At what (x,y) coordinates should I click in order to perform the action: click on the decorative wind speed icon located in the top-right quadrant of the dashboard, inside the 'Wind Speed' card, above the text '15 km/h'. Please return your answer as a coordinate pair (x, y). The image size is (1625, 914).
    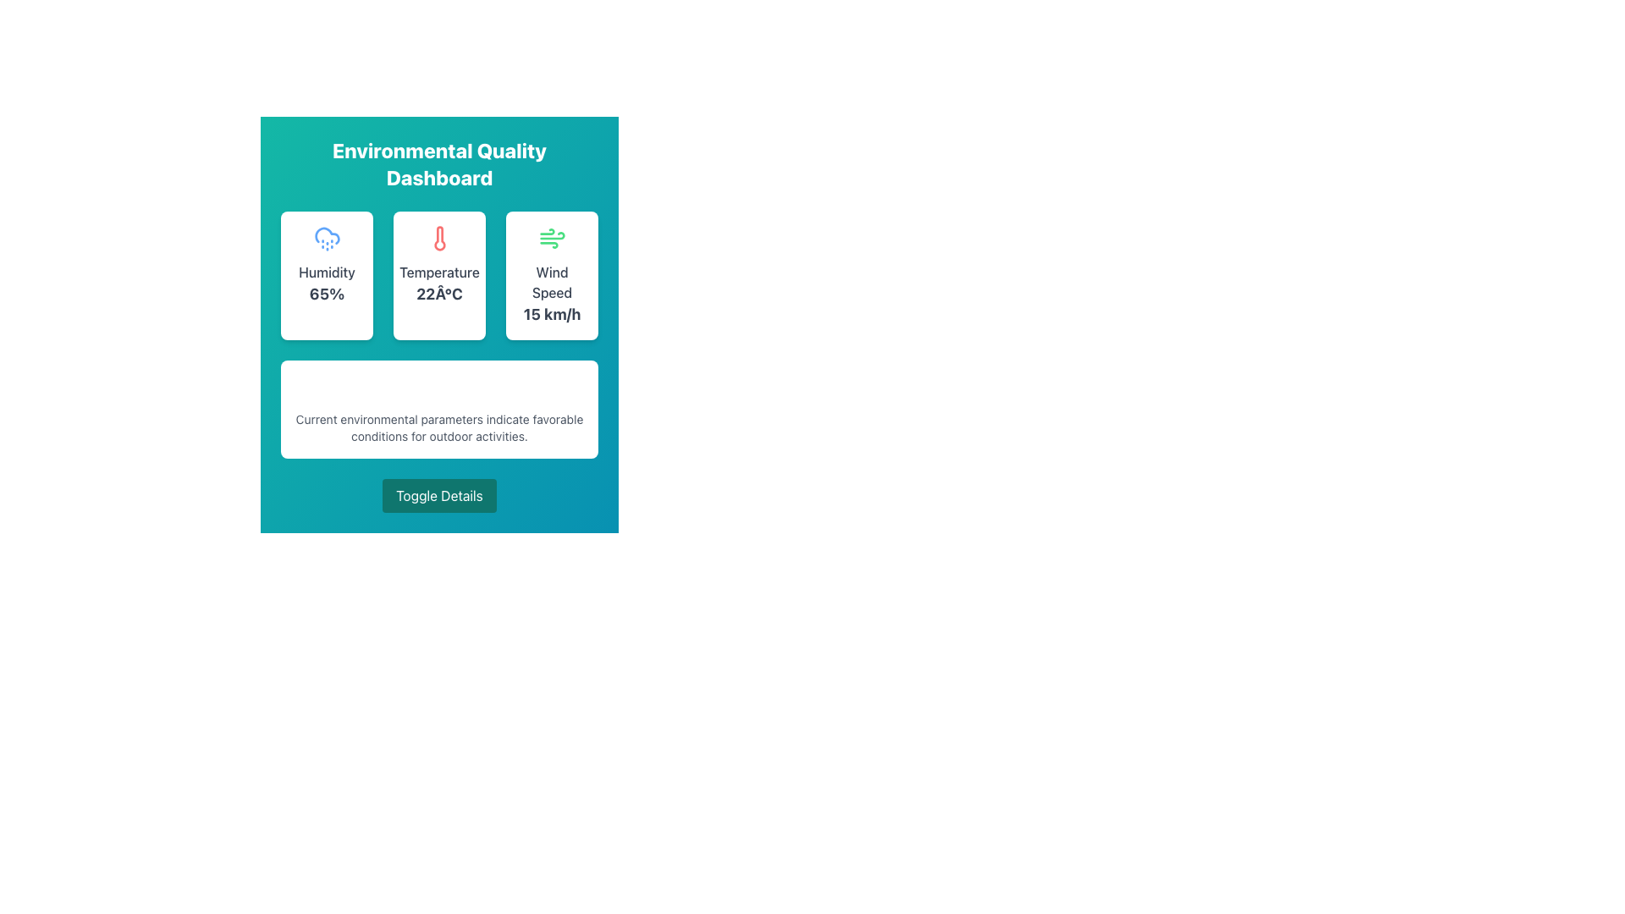
    Looking at the image, I should click on (552, 238).